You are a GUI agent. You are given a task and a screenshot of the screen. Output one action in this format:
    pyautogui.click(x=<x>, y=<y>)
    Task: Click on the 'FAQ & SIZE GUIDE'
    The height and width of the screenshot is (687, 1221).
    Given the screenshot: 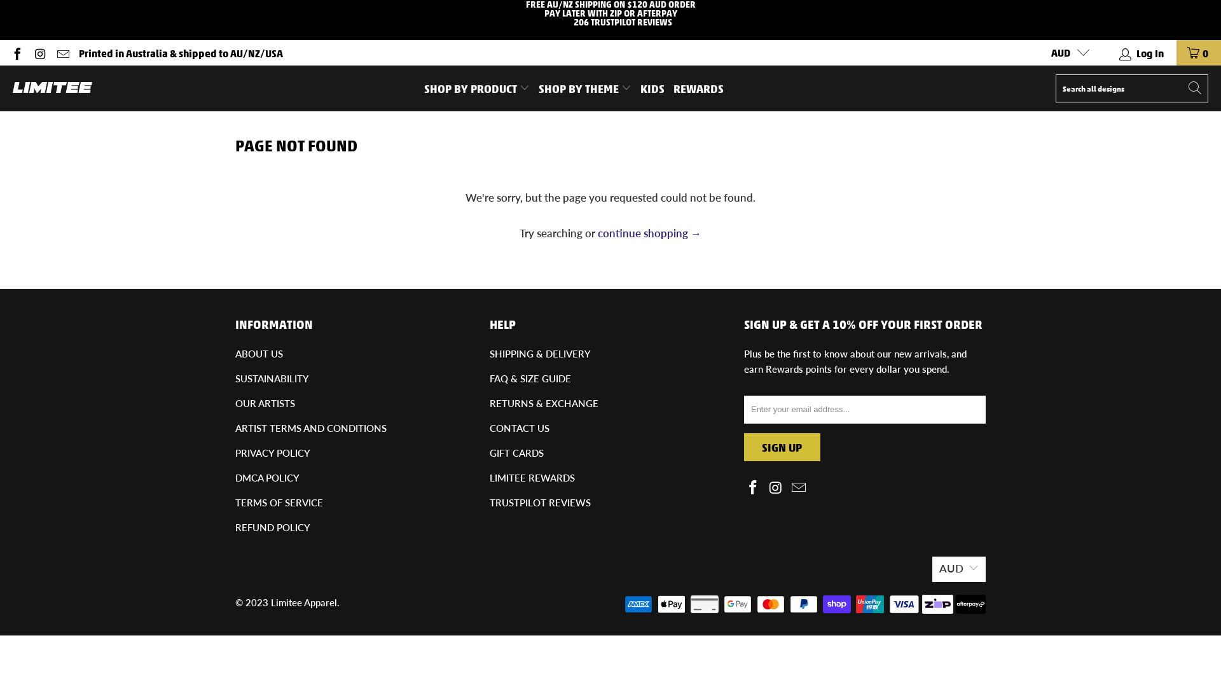 What is the action you would take?
    pyautogui.click(x=530, y=377)
    